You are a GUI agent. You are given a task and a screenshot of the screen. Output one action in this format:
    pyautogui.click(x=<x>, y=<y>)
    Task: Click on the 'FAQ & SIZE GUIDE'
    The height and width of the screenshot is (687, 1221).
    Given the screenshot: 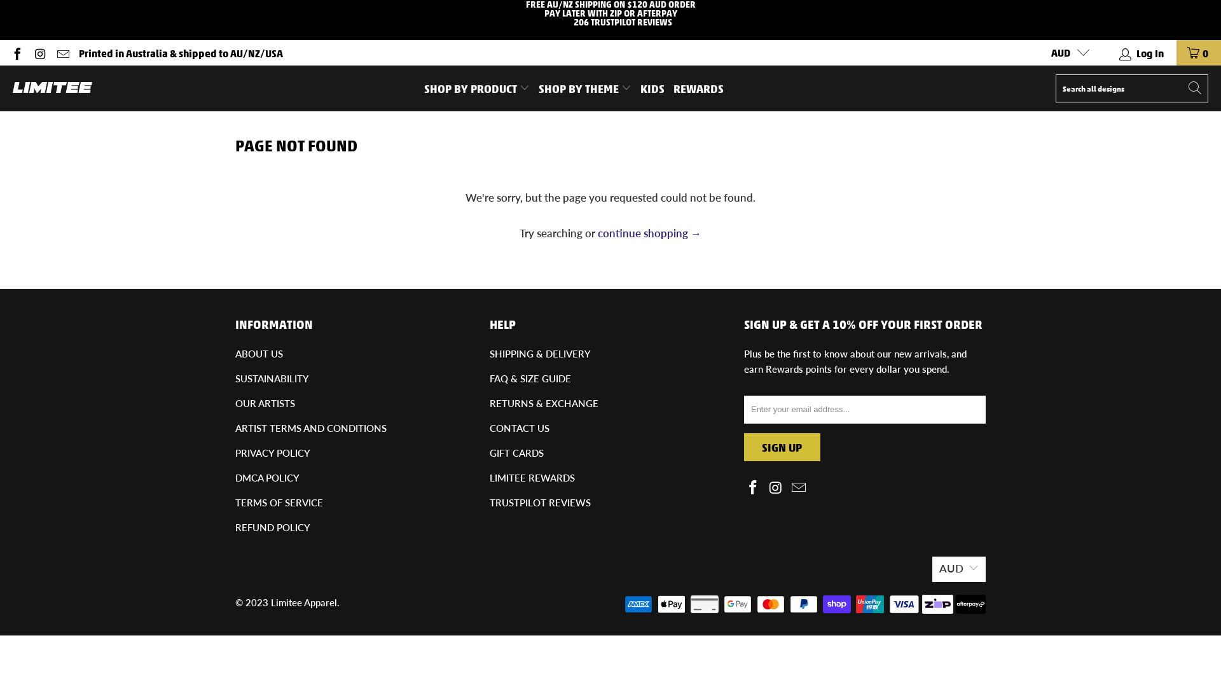 What is the action you would take?
    pyautogui.click(x=530, y=377)
    